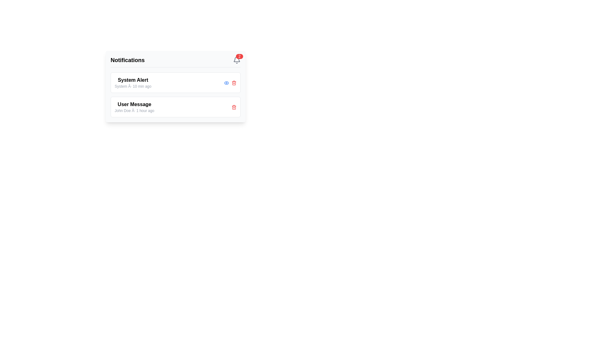 This screenshot has height=337, width=600. What do you see at coordinates (226, 82) in the screenshot?
I see `the blue circular eye icon-button in the action bar of the first notification entry` at bounding box center [226, 82].